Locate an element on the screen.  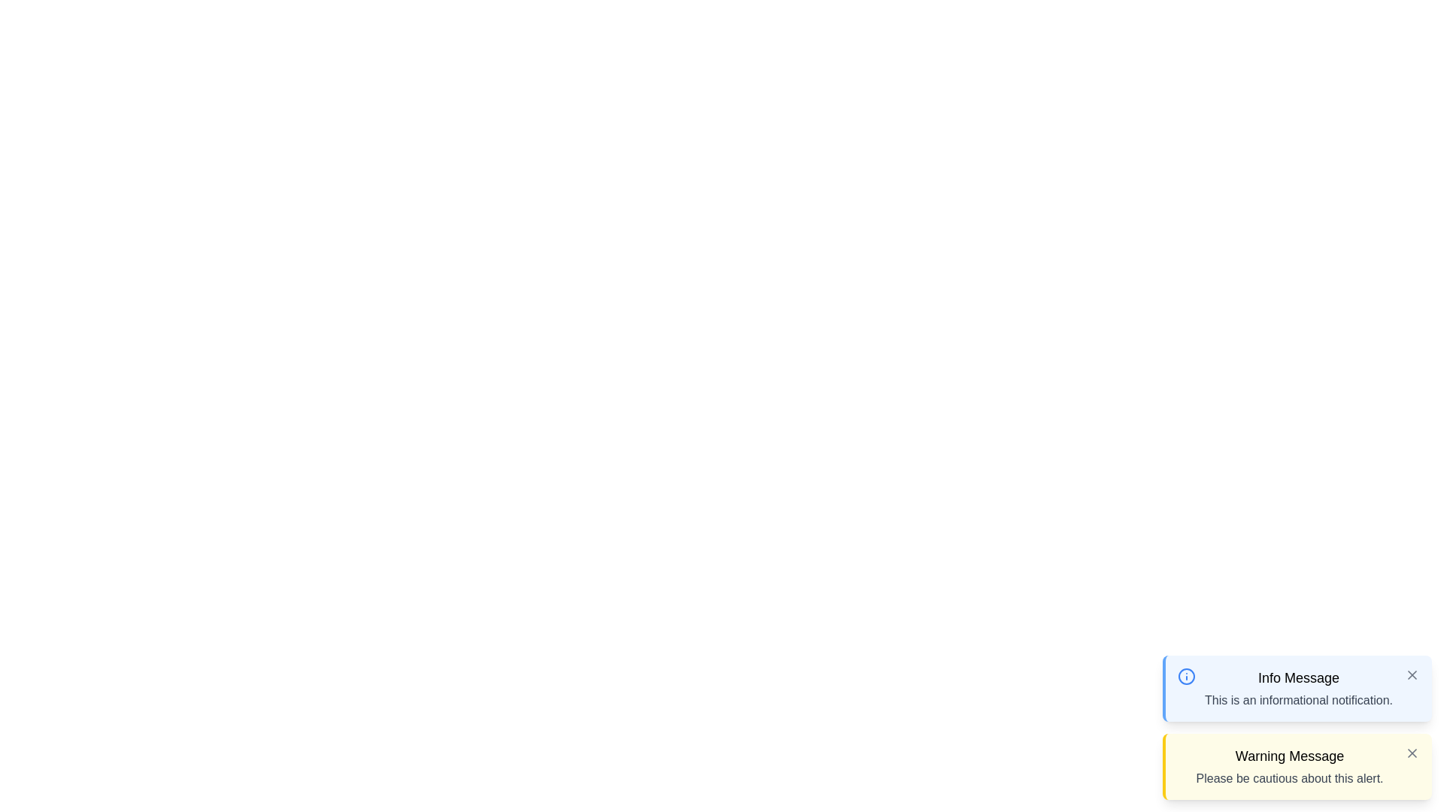
informational text string that states 'This is an informational notification.' located within the blue-framed information card below 'Info Message' is located at coordinates (1298, 701).